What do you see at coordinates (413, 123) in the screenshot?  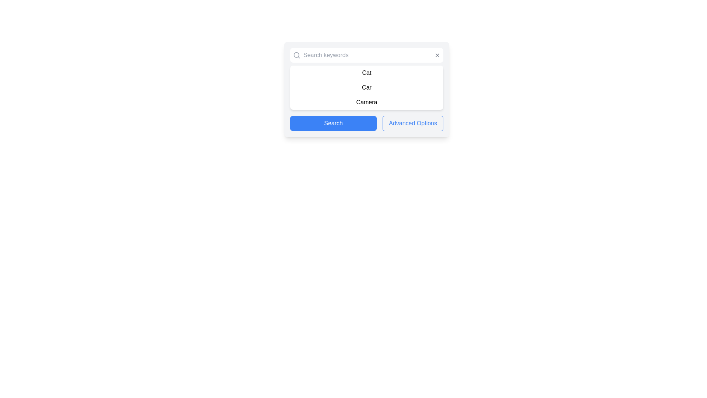 I see `the 'Advanced Options' button, which is a rounded button with a transparent background and blue text, located to the right of the 'Search' button` at bounding box center [413, 123].